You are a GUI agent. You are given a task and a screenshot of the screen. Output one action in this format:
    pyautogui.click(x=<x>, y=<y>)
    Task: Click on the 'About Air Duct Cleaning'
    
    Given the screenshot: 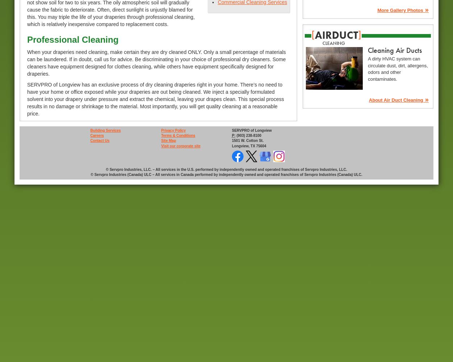 What is the action you would take?
    pyautogui.click(x=369, y=100)
    